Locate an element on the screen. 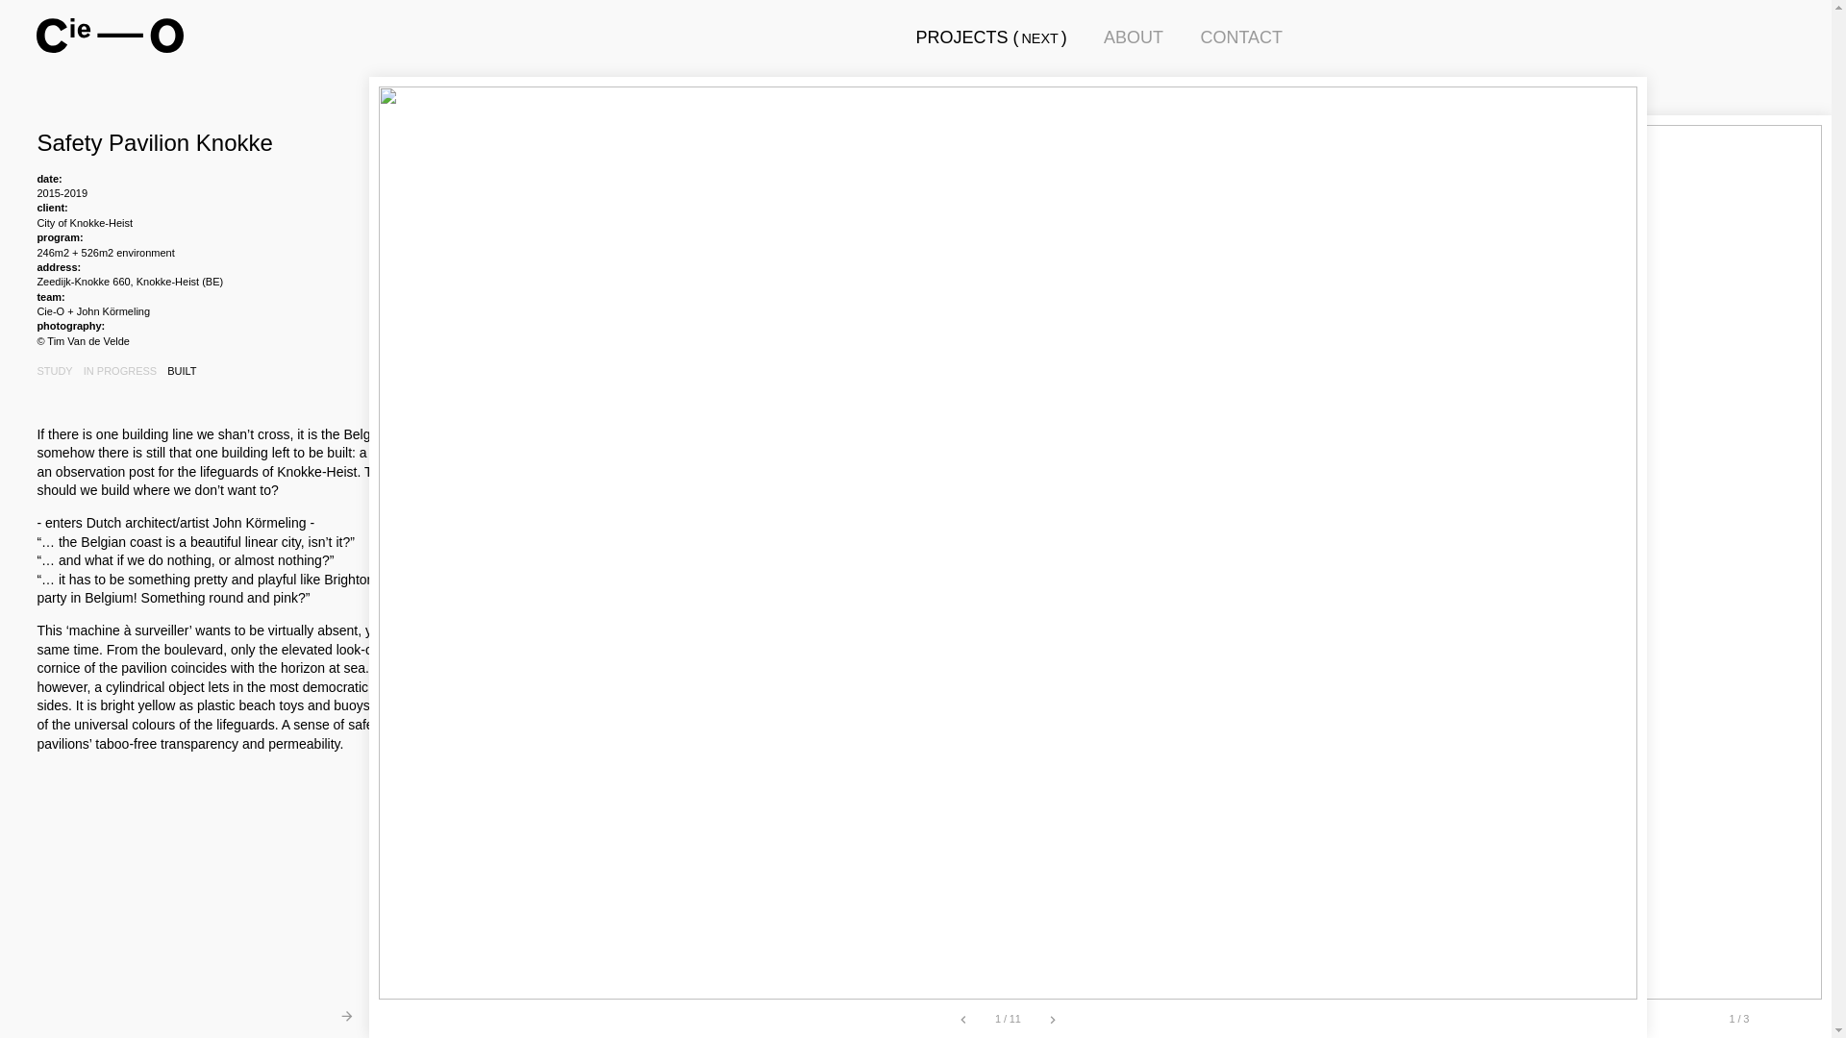  'NEXT' is located at coordinates (1037, 37).